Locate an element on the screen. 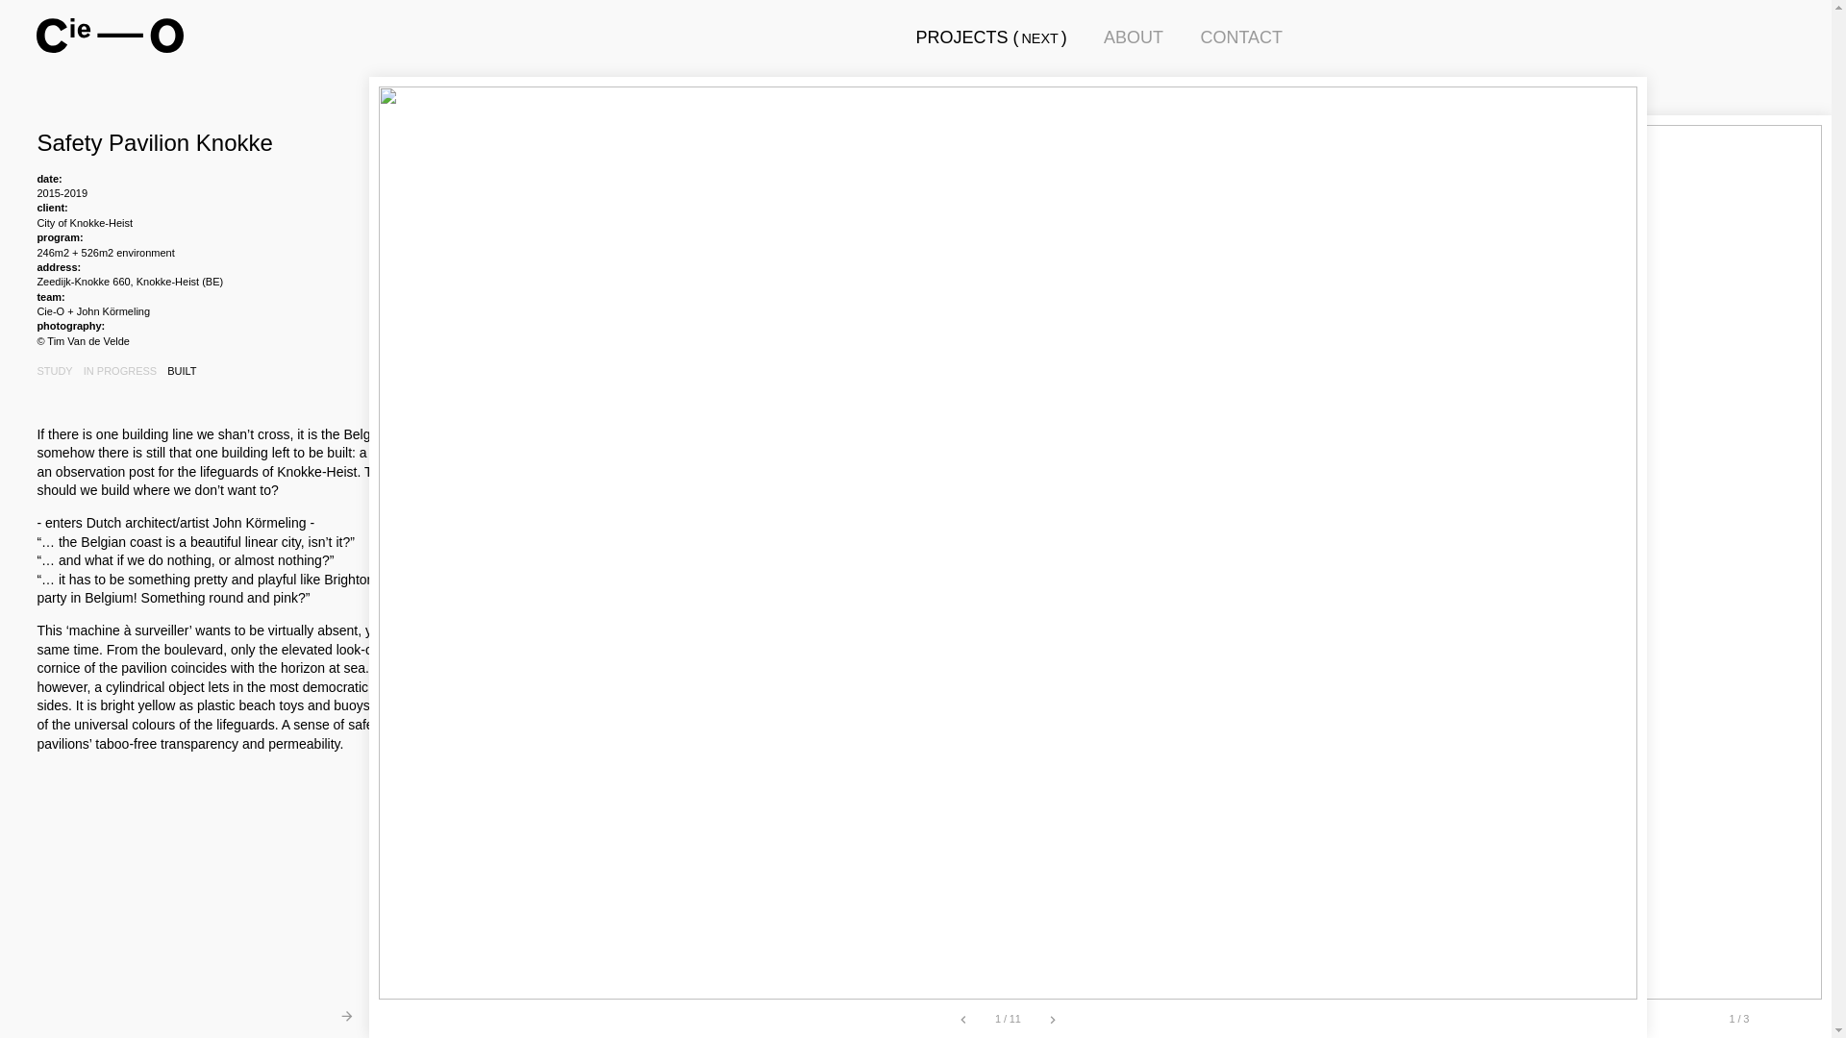  'NEXT' is located at coordinates (1037, 37).